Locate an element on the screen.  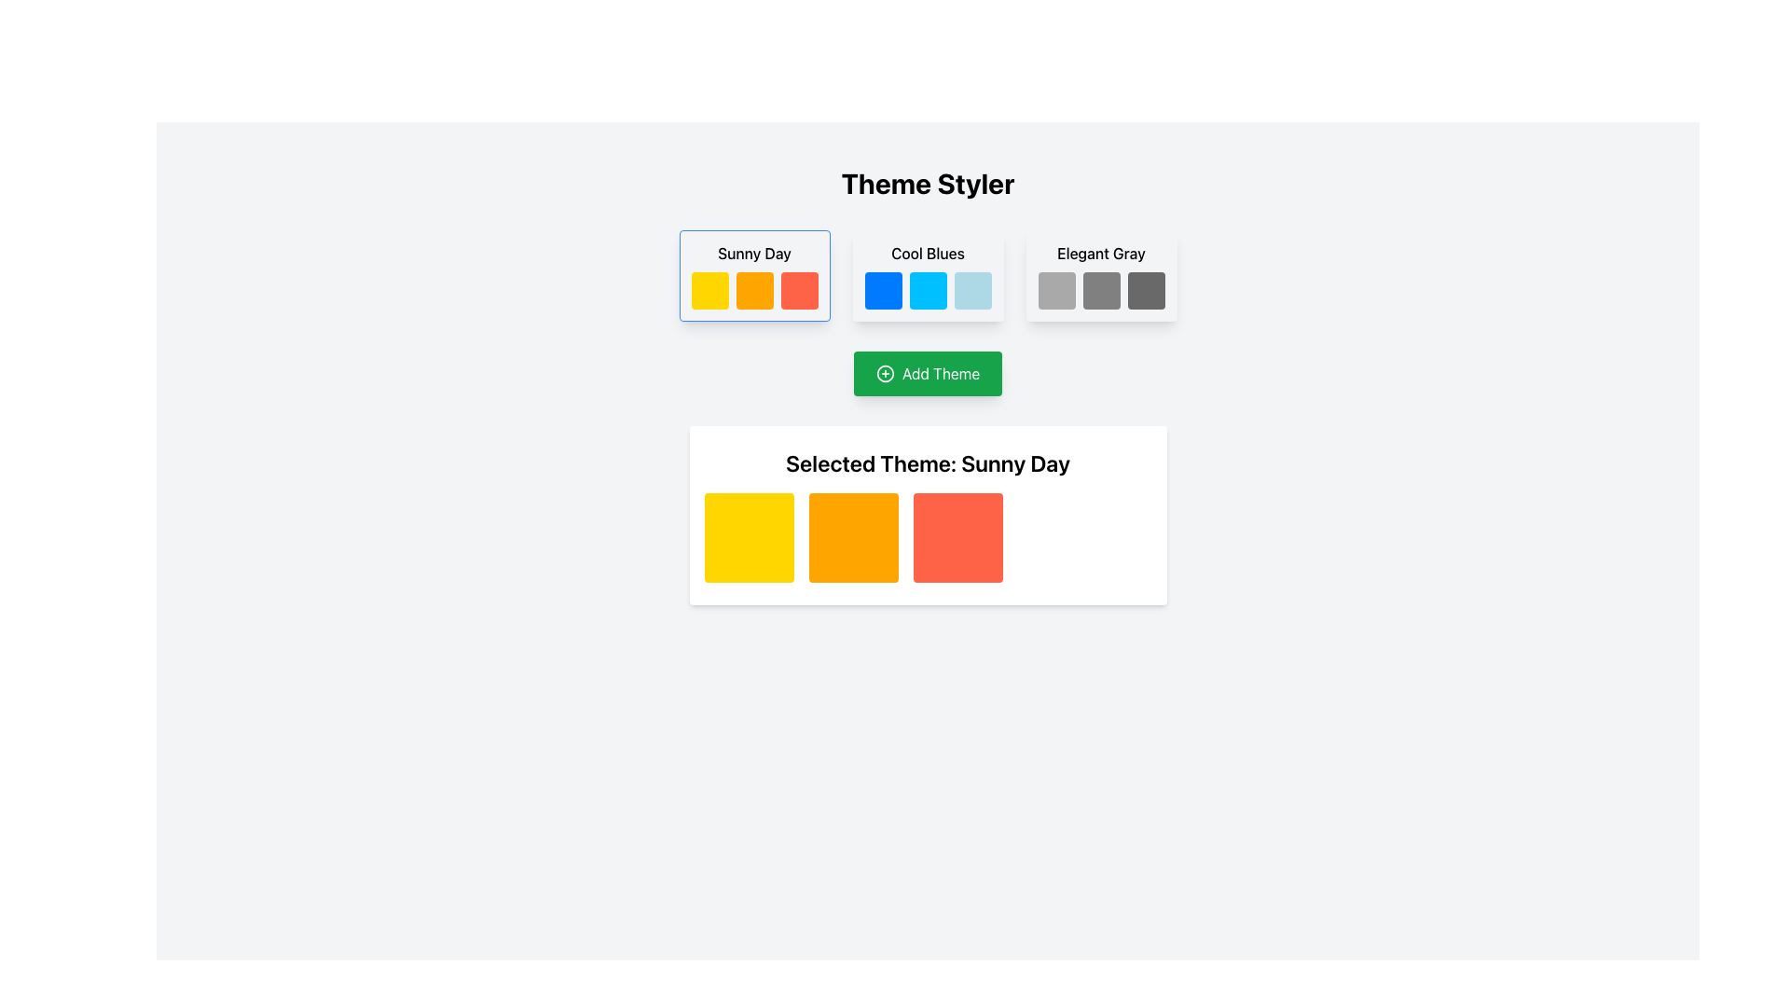
the square in the 'Elegant Gray' theme box is located at coordinates (1101, 276).